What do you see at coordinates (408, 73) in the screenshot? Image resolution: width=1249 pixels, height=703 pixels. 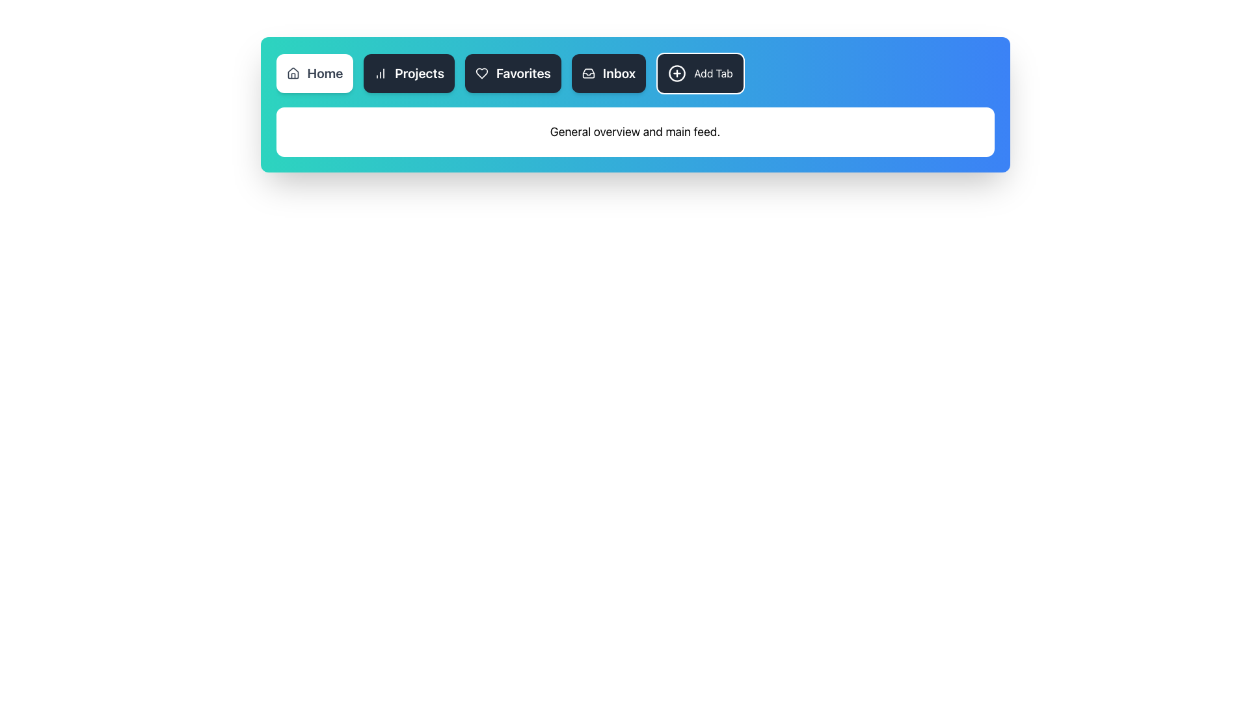 I see `the dark rounded button labeled 'Projects'` at bounding box center [408, 73].